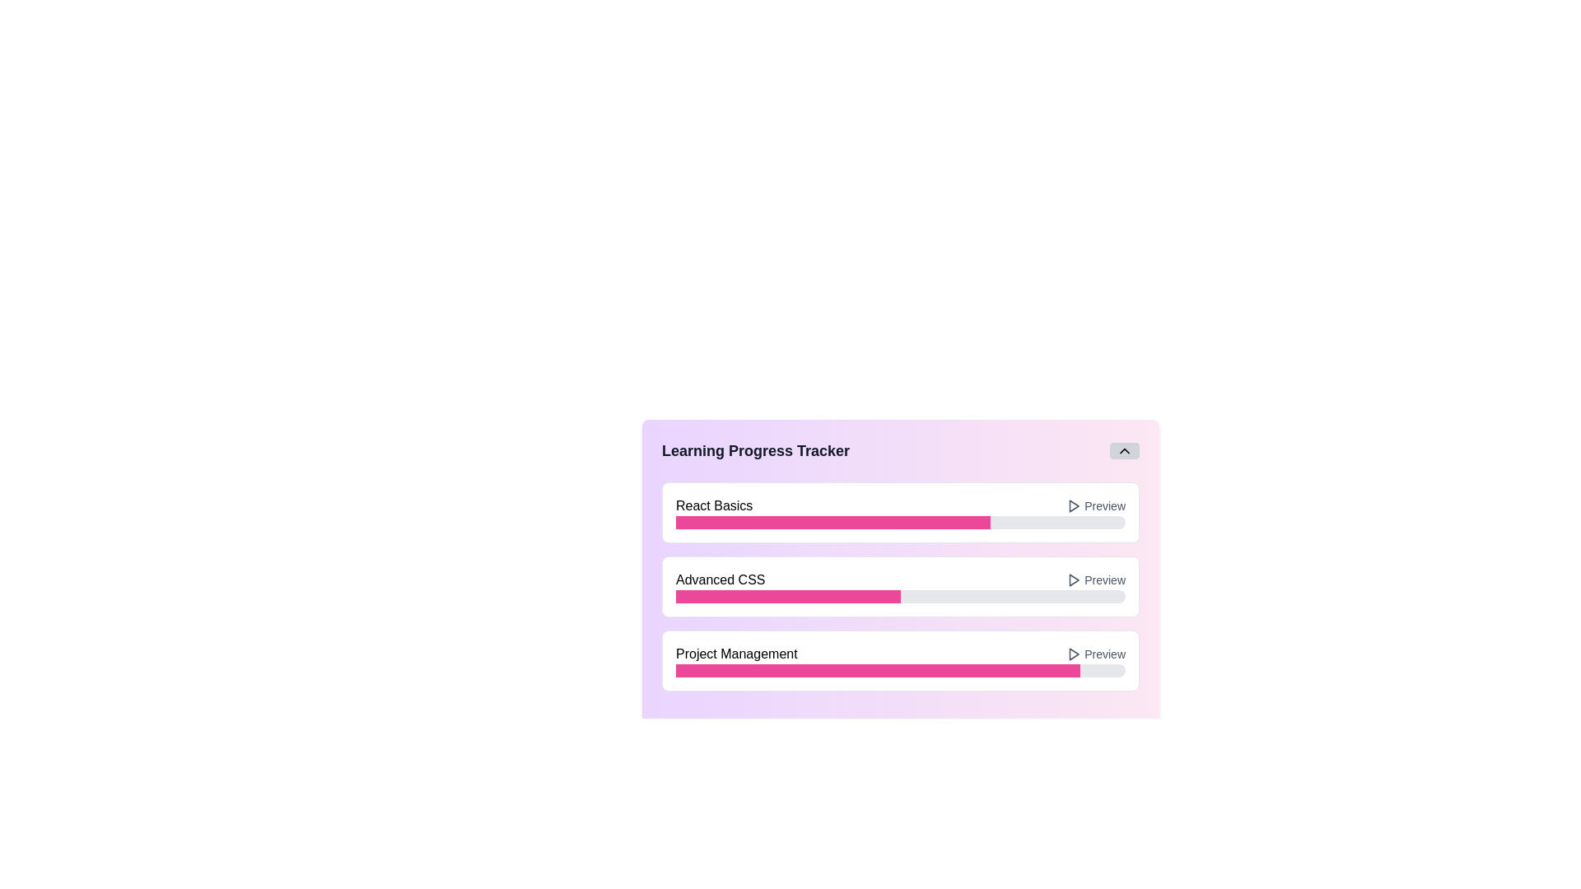 This screenshot has height=889, width=1581. I want to click on the vibrant pink progress indicator, which is the filled portion of the progress bar located in the 'Advanced CSS' section of the Learning Progress Tracker interface, so click(787, 597).